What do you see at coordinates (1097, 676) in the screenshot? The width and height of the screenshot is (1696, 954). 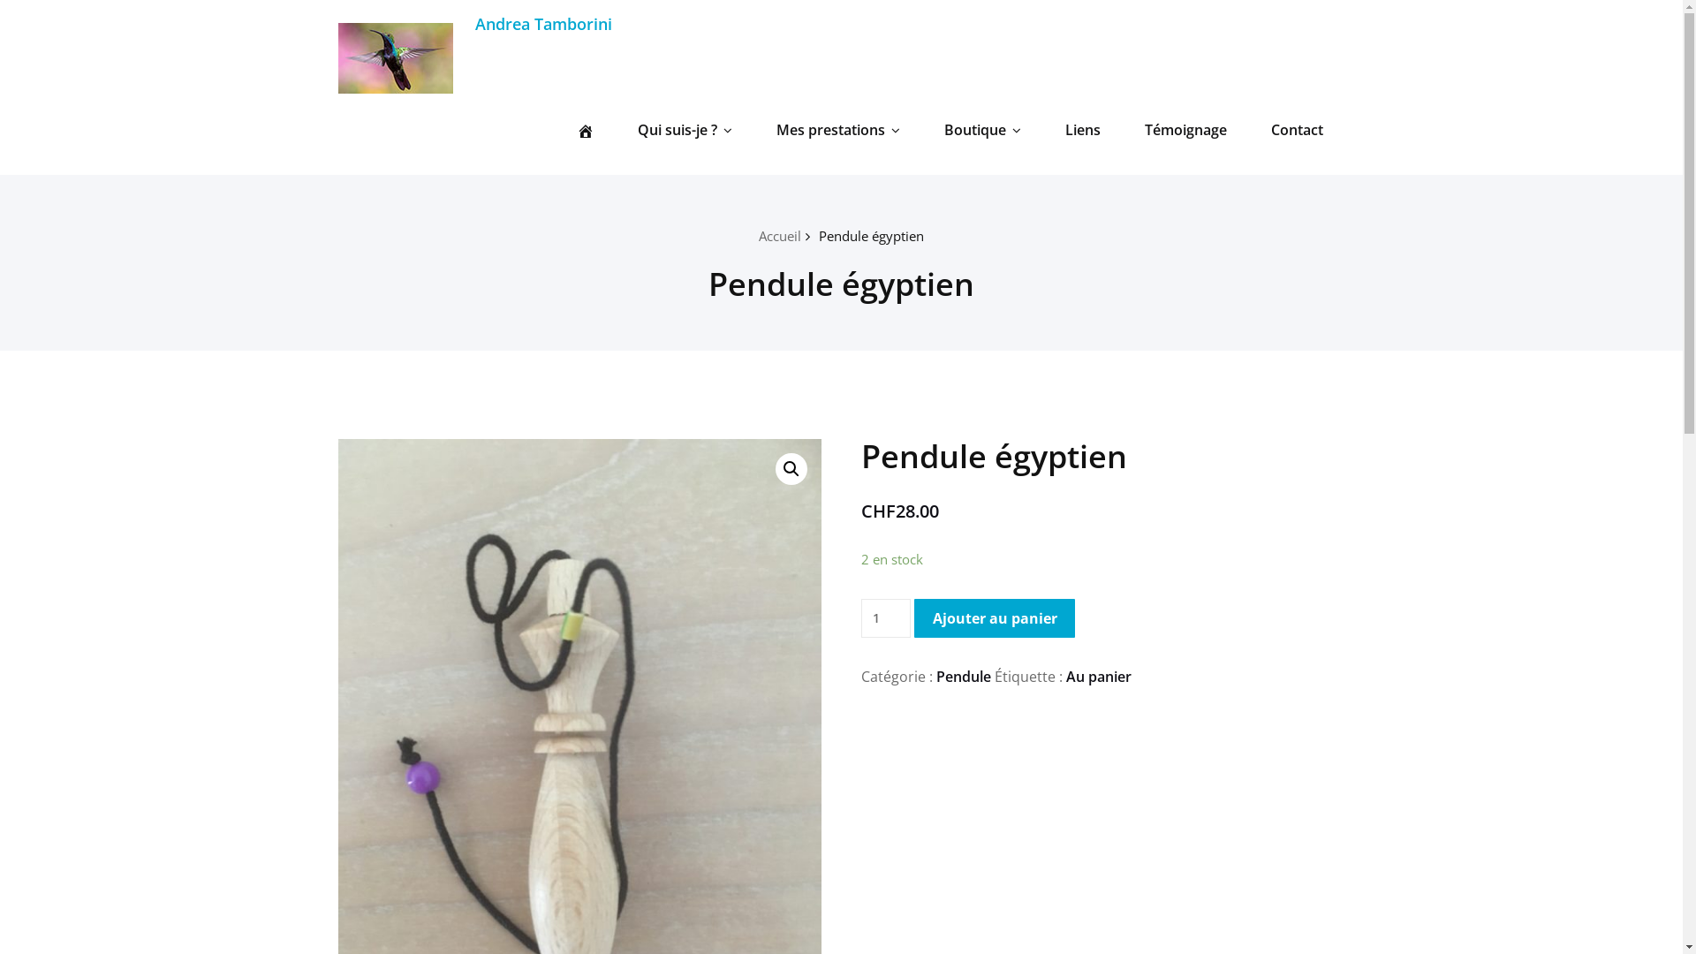 I see `'Au panier'` at bounding box center [1097, 676].